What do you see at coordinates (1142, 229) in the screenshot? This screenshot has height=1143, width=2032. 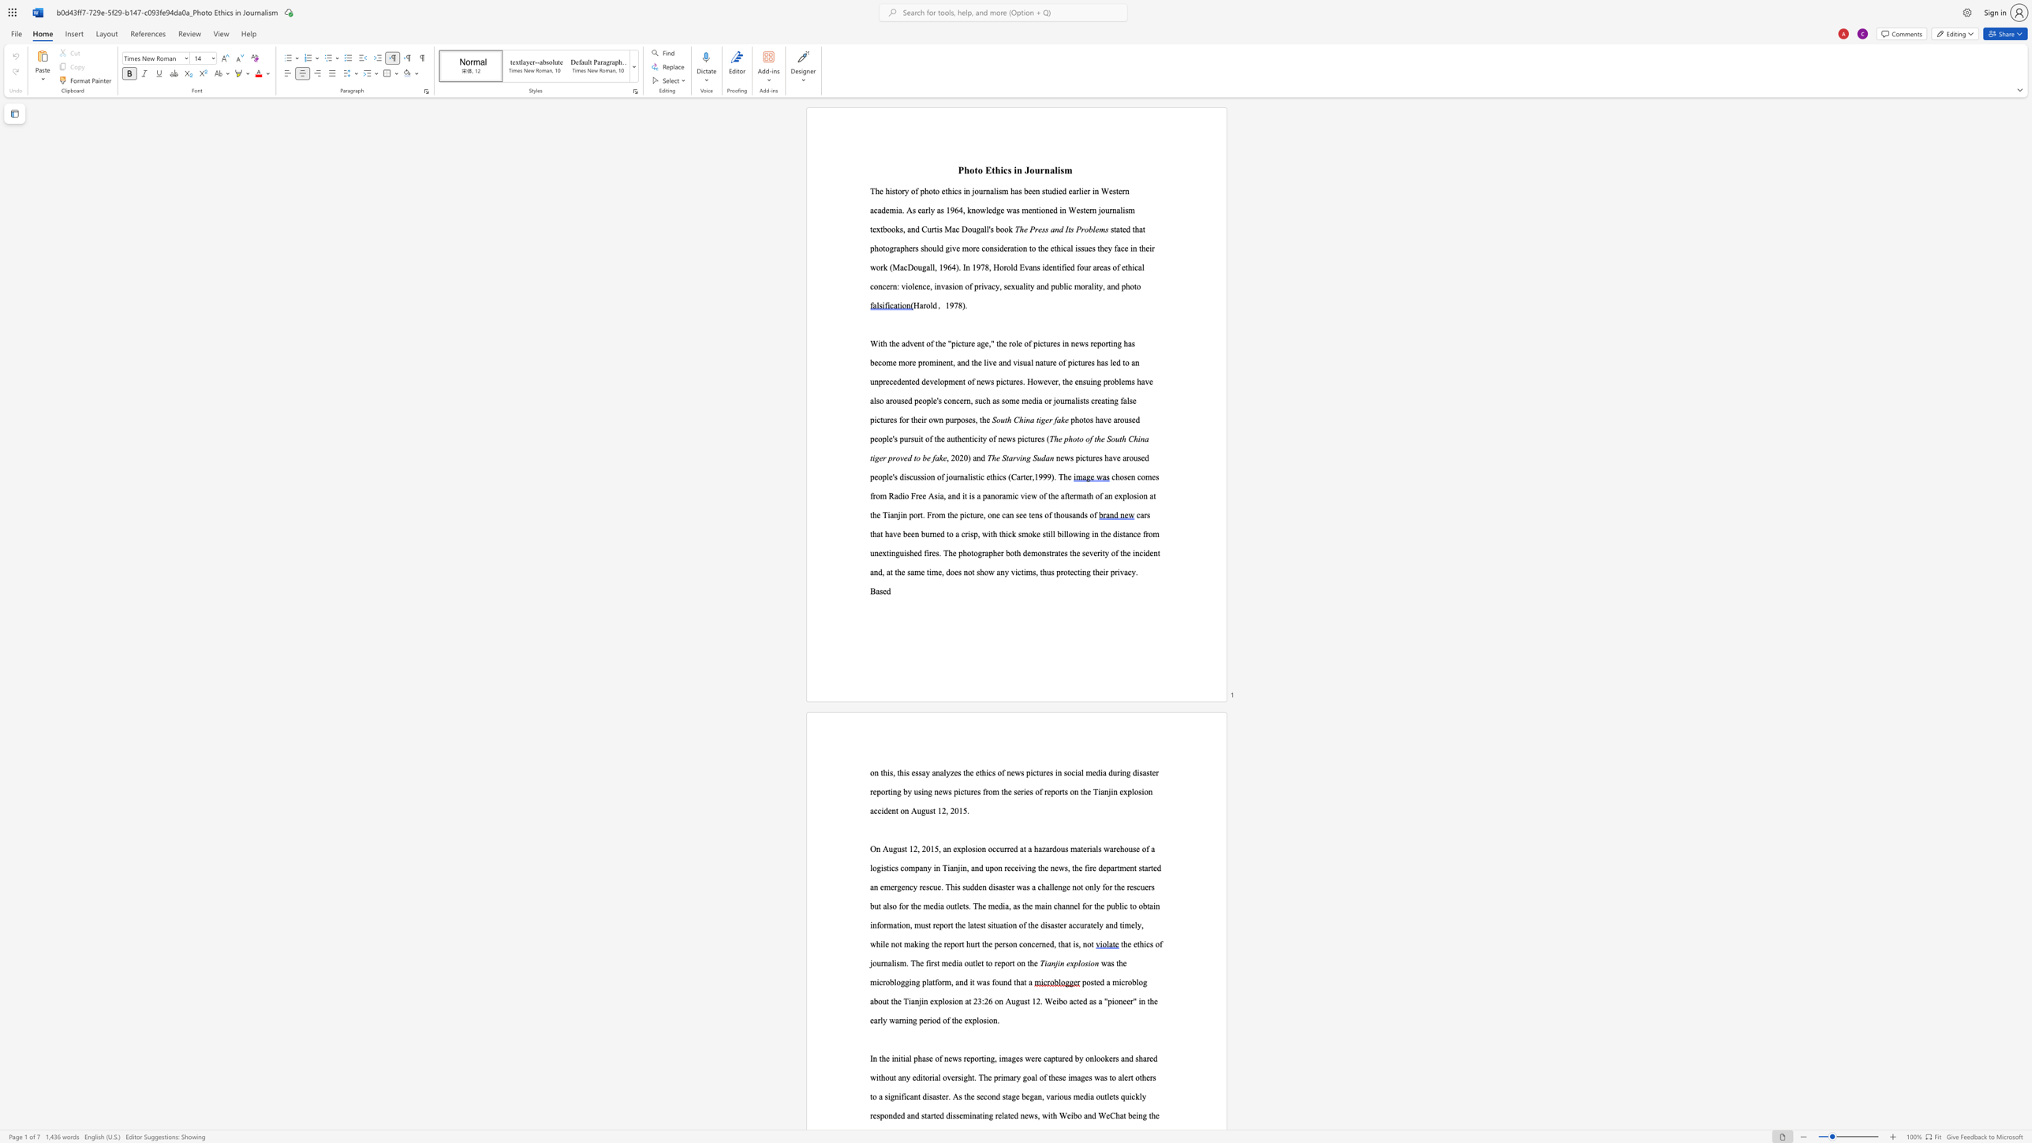 I see `the subset text "t photographers should give more consideration to the eth" within the text "that photographers should give more consideration to the ethical issues they face in their work"` at bounding box center [1142, 229].